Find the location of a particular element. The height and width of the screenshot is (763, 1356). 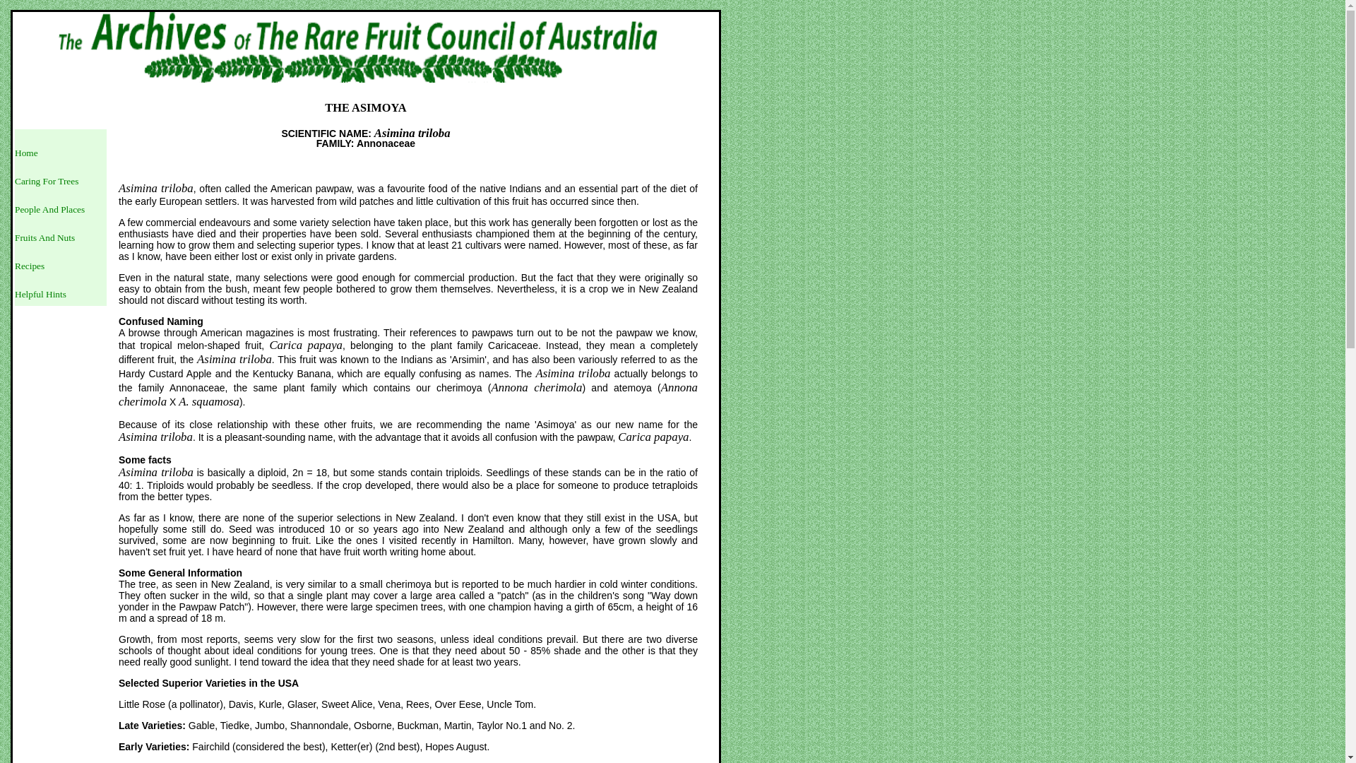

'Recipes' is located at coordinates (30, 266).